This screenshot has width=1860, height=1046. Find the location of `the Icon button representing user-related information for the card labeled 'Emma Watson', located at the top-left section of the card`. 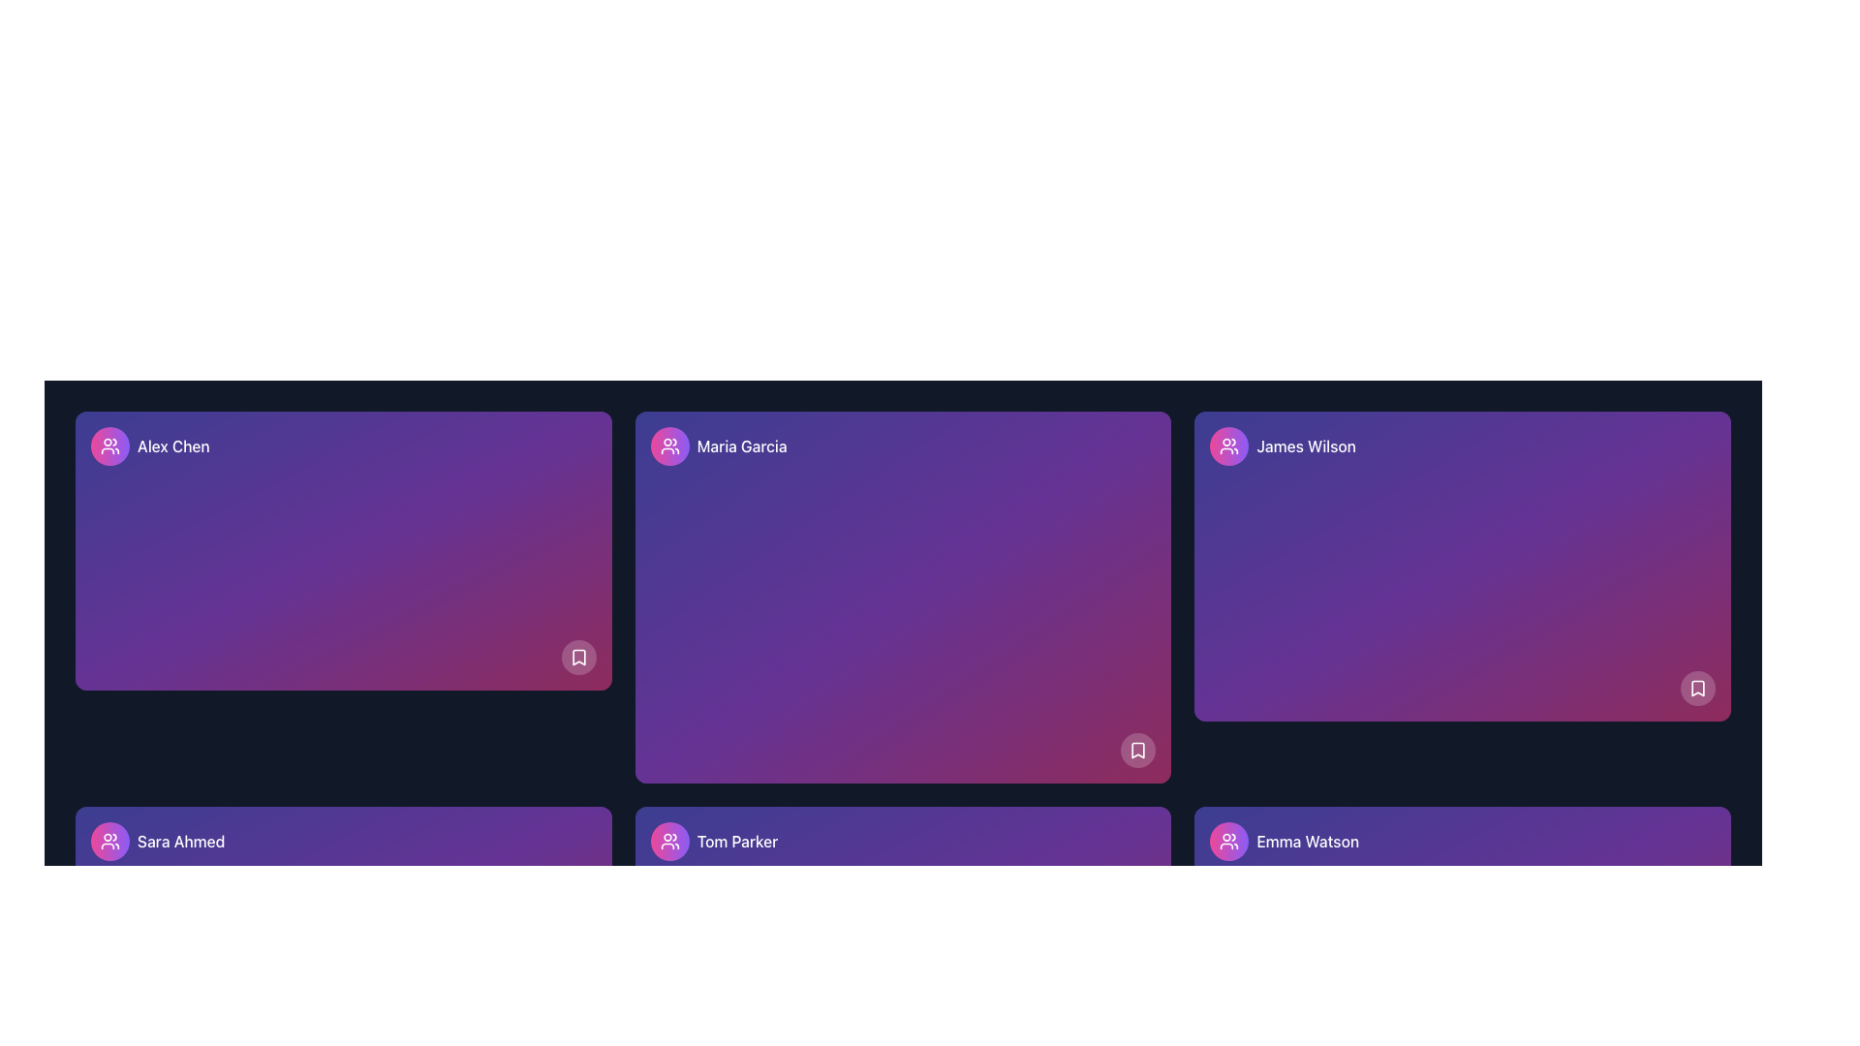

the Icon button representing user-related information for the card labeled 'Emma Watson', located at the top-left section of the card is located at coordinates (1228, 840).